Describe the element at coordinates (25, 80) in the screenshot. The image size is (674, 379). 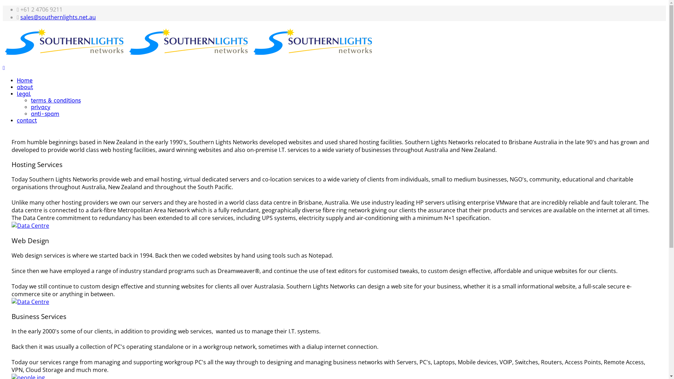
I see `'Home'` at that location.